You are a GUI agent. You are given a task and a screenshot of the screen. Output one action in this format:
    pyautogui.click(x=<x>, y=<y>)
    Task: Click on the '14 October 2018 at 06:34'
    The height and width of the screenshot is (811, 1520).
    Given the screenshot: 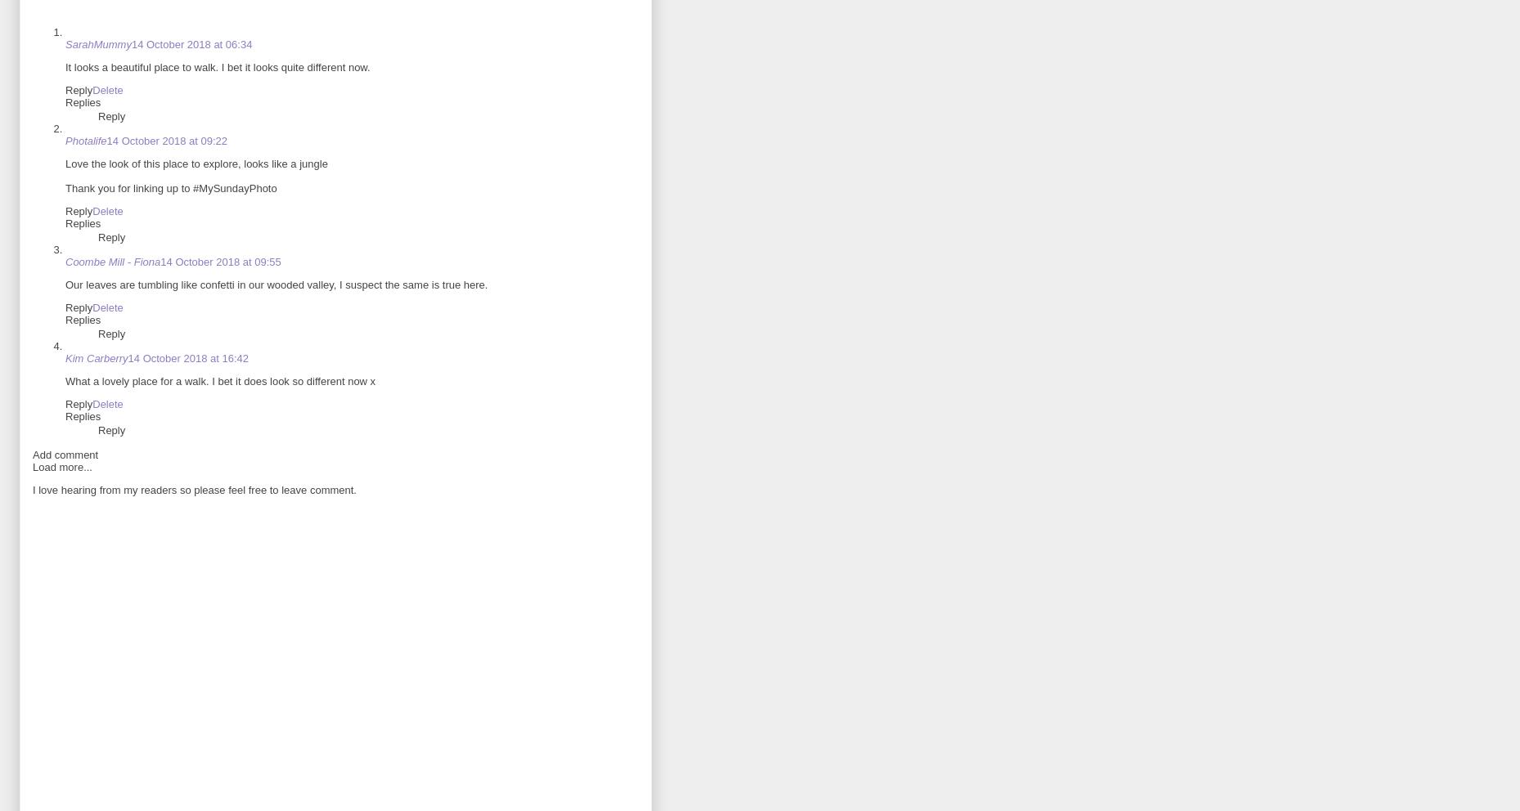 What is the action you would take?
    pyautogui.click(x=190, y=44)
    